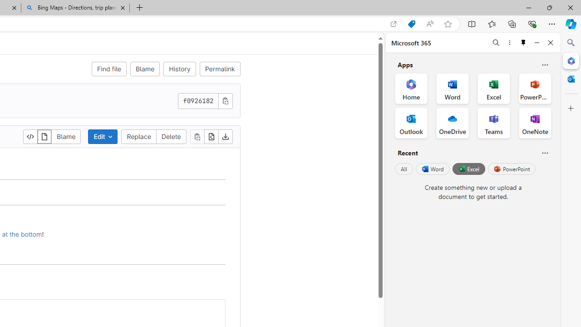 This screenshot has width=581, height=327. What do you see at coordinates (138, 136) in the screenshot?
I see `'Replace'` at bounding box center [138, 136].